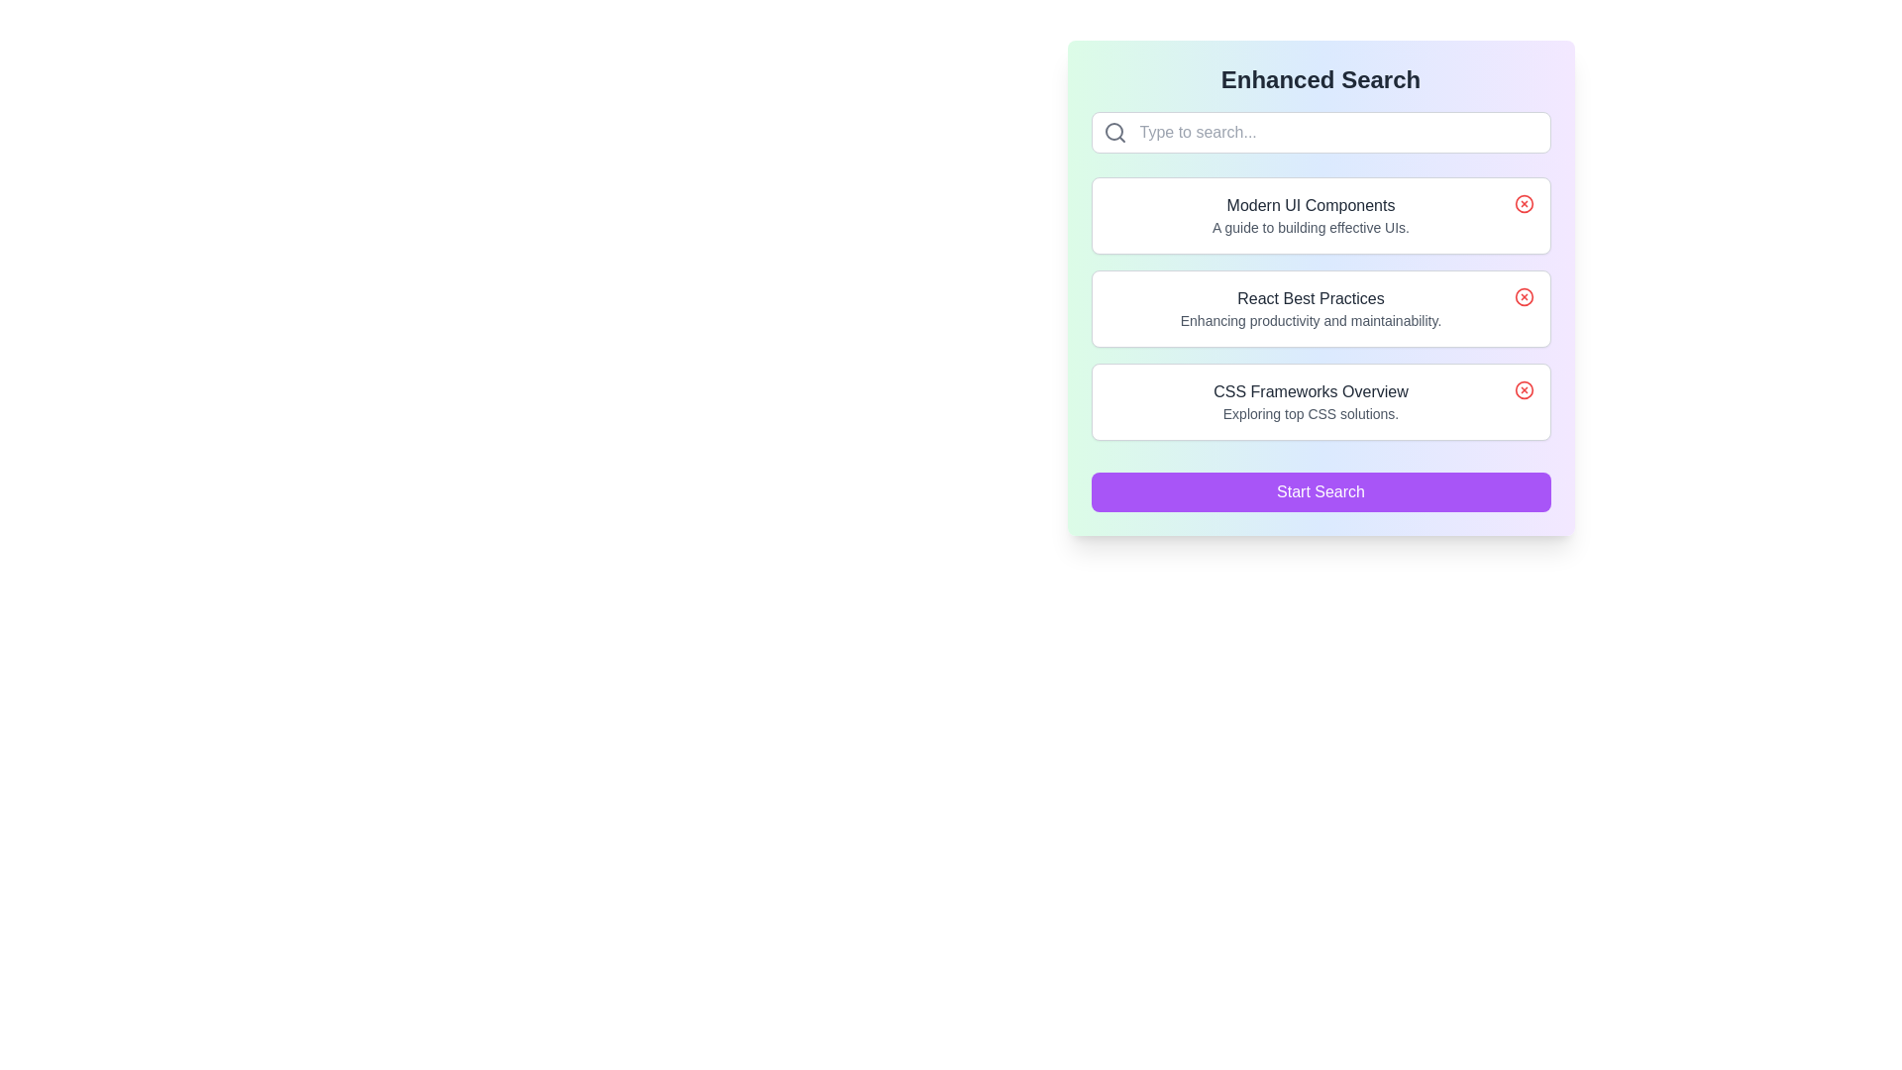 The image size is (1902, 1070). Describe the element at coordinates (1523, 203) in the screenshot. I see `the graphical element (circle within an icon) located in the top-right corner of the 'Modern UI Components' list item` at that location.